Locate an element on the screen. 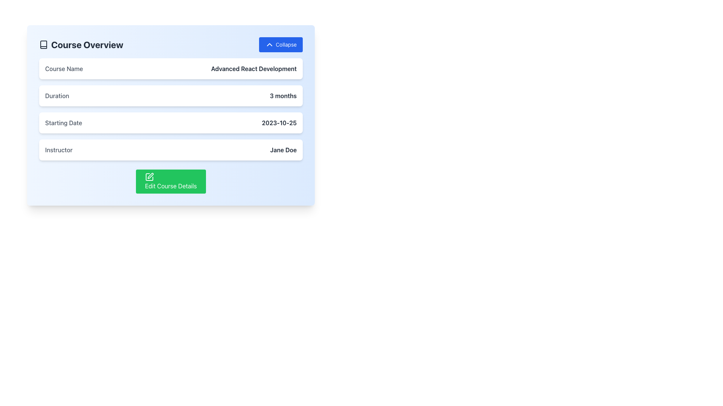  the graphical icon that signifies the 'Edit Course Details' button, which is centrally aligned within the green button at the bottom of the blue-bordered course overview card is located at coordinates (151, 176).